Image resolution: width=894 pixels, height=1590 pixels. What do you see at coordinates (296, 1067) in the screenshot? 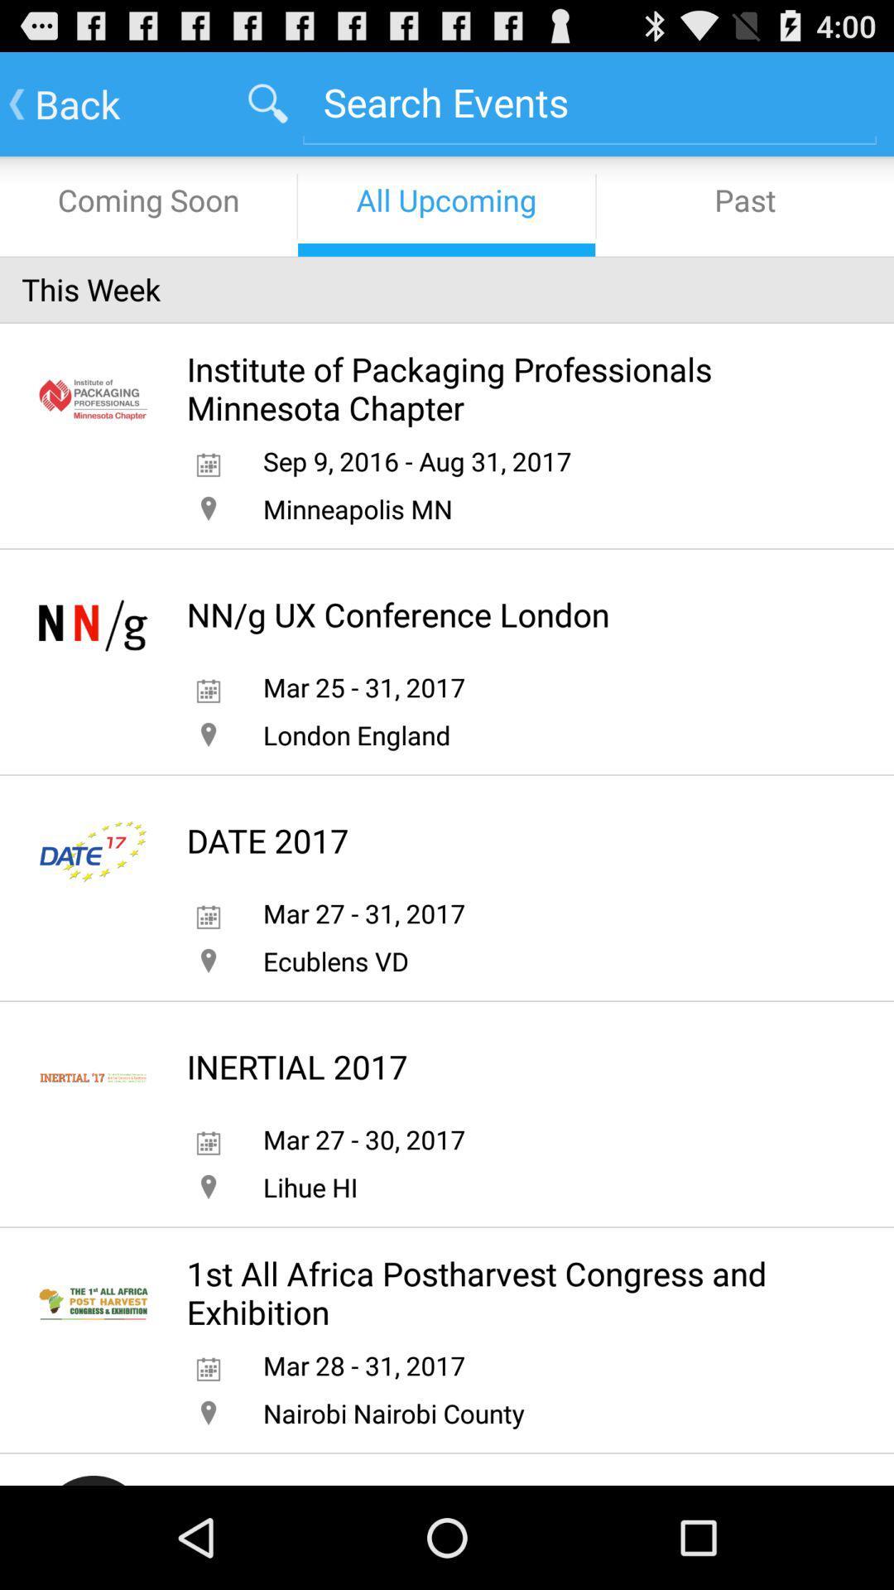
I see `item below ecublens vd` at bounding box center [296, 1067].